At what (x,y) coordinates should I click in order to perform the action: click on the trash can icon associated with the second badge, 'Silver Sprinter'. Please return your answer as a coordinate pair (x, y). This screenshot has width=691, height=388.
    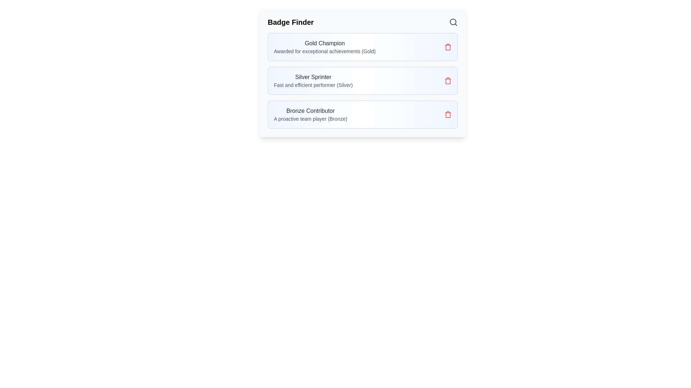
    Looking at the image, I should click on (447, 81).